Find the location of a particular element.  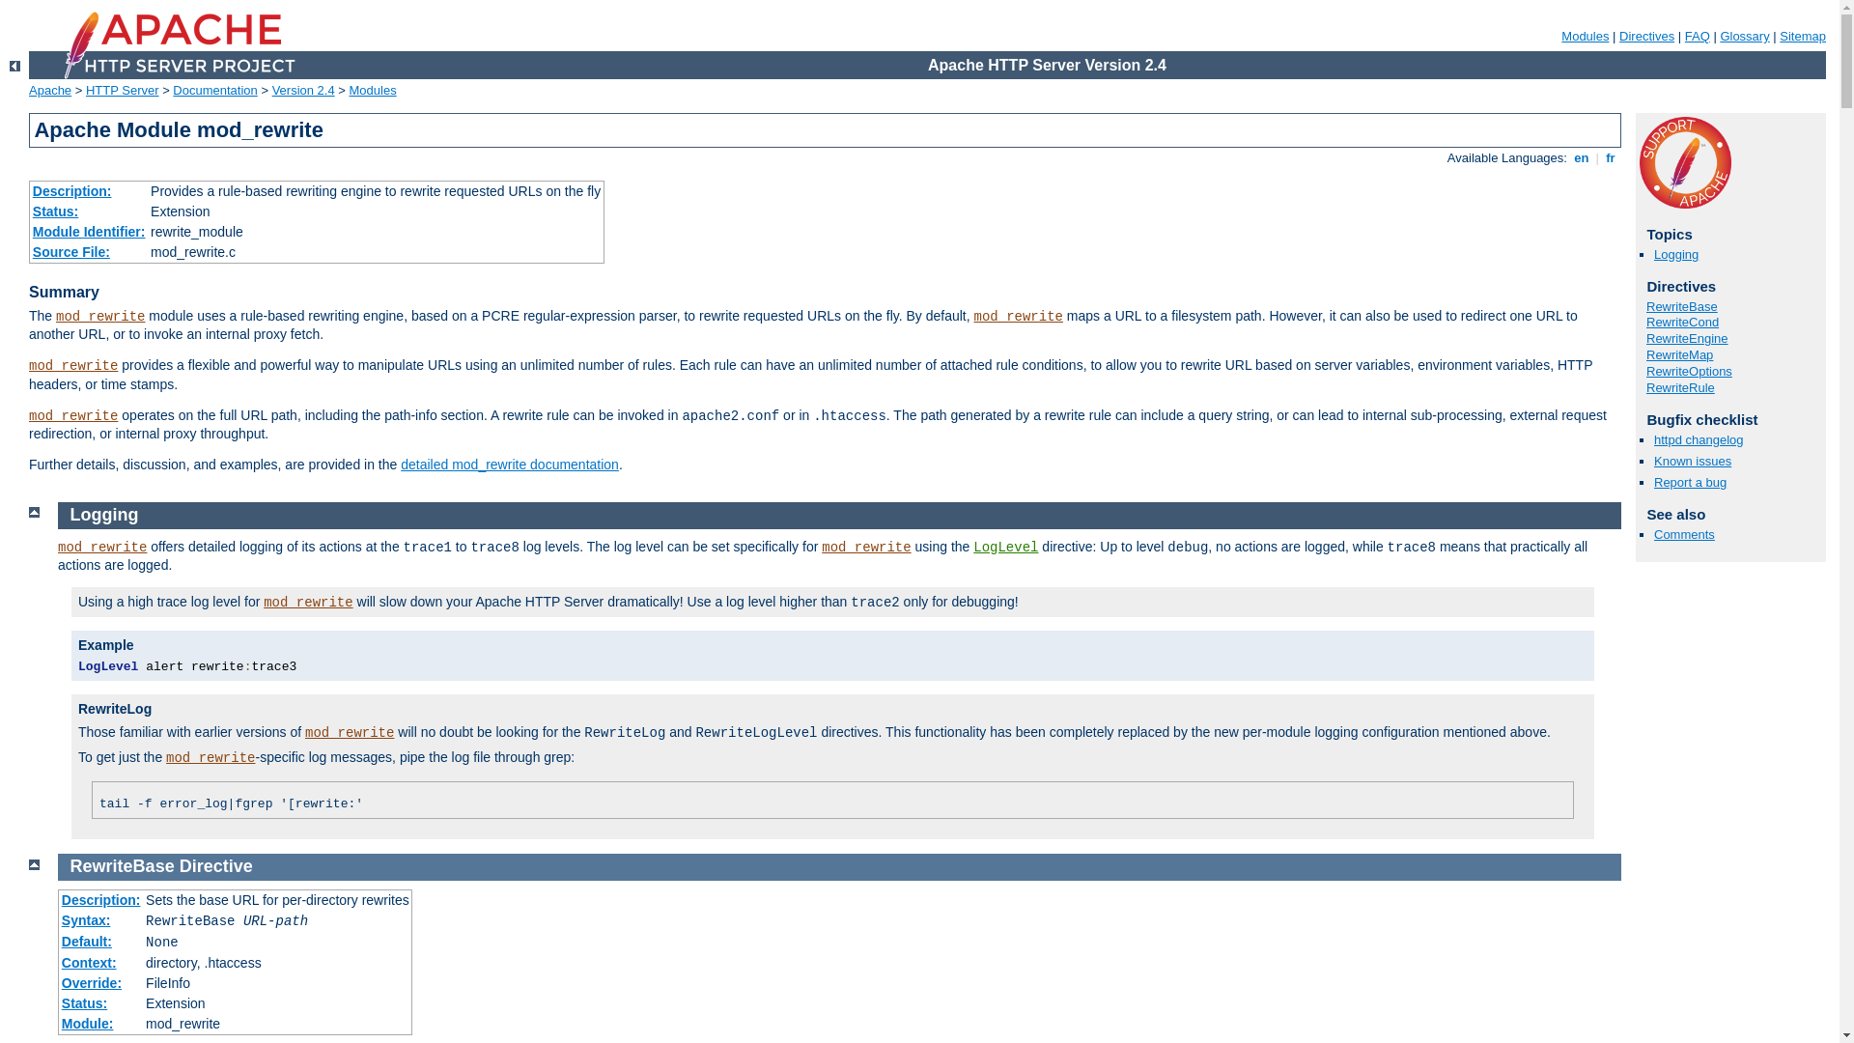

'<-' is located at coordinates (14, 65).